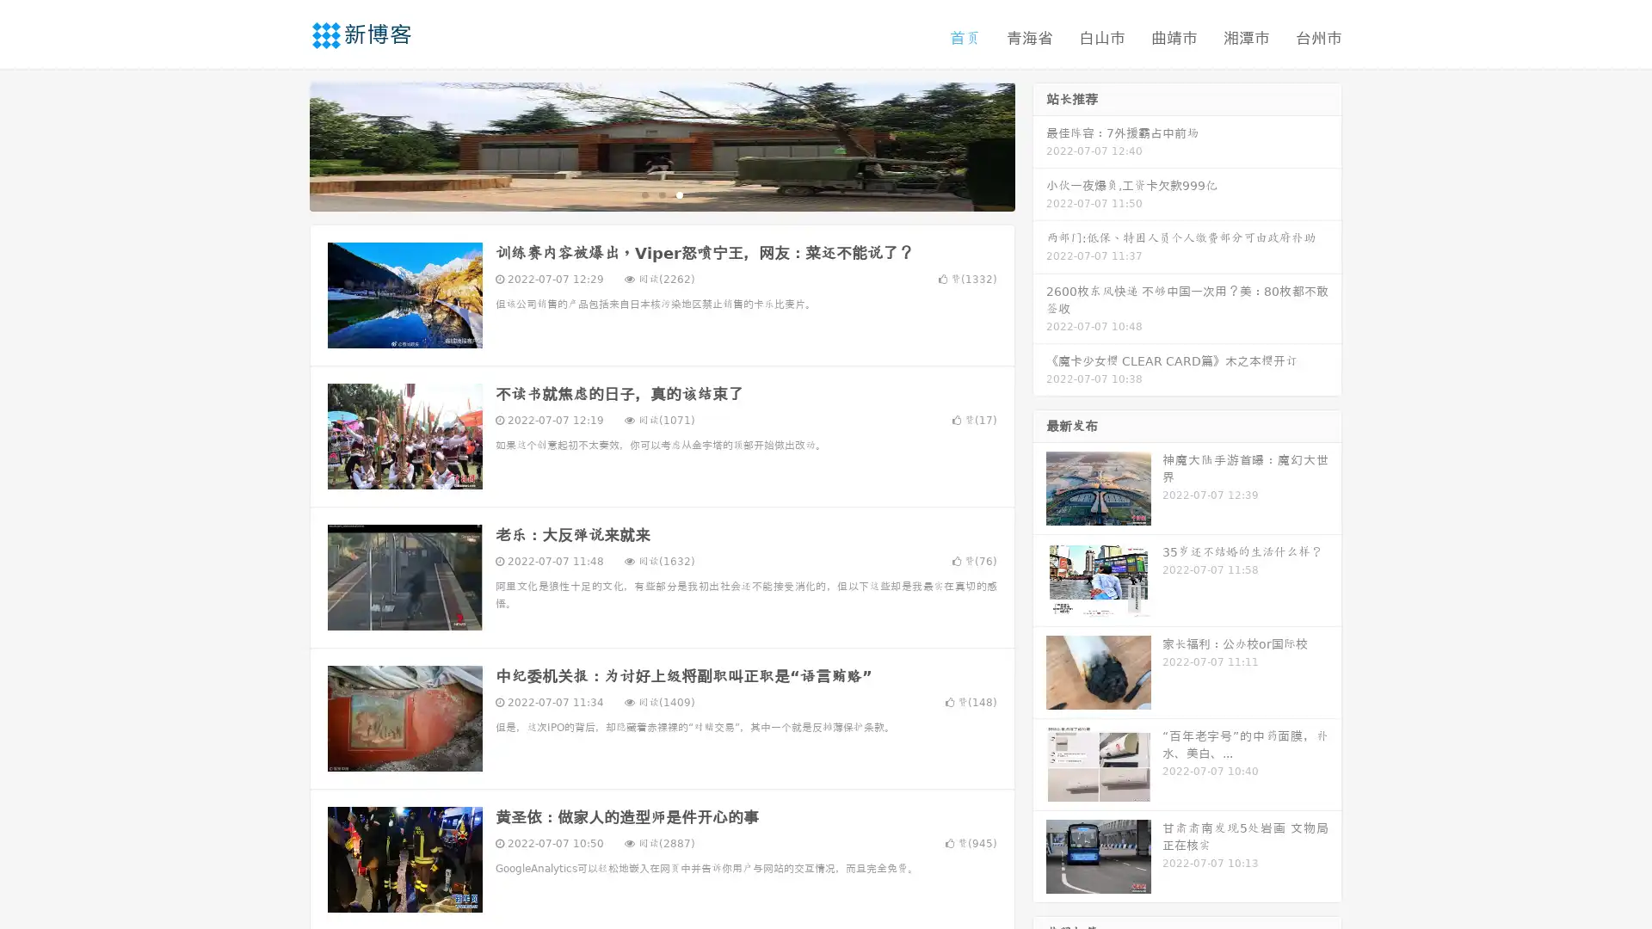 This screenshot has height=929, width=1652. I want to click on Go to slide 1, so click(644, 194).